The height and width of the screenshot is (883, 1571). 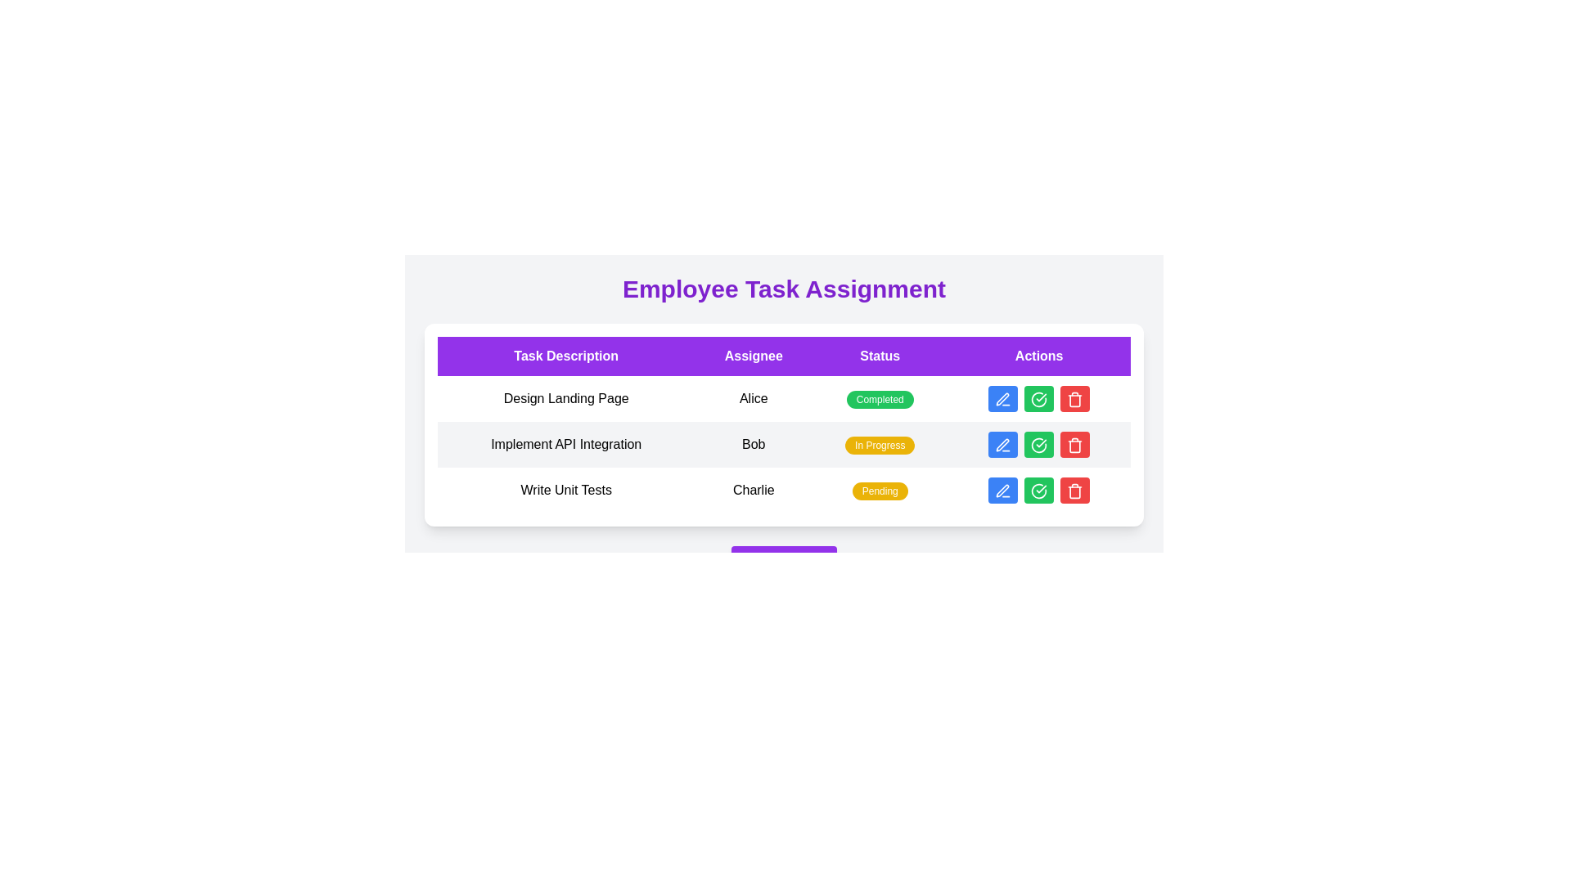 What do you see at coordinates (1075, 446) in the screenshot?
I see `the trash can icon button located in the 'Actions' column of the second row in the table` at bounding box center [1075, 446].